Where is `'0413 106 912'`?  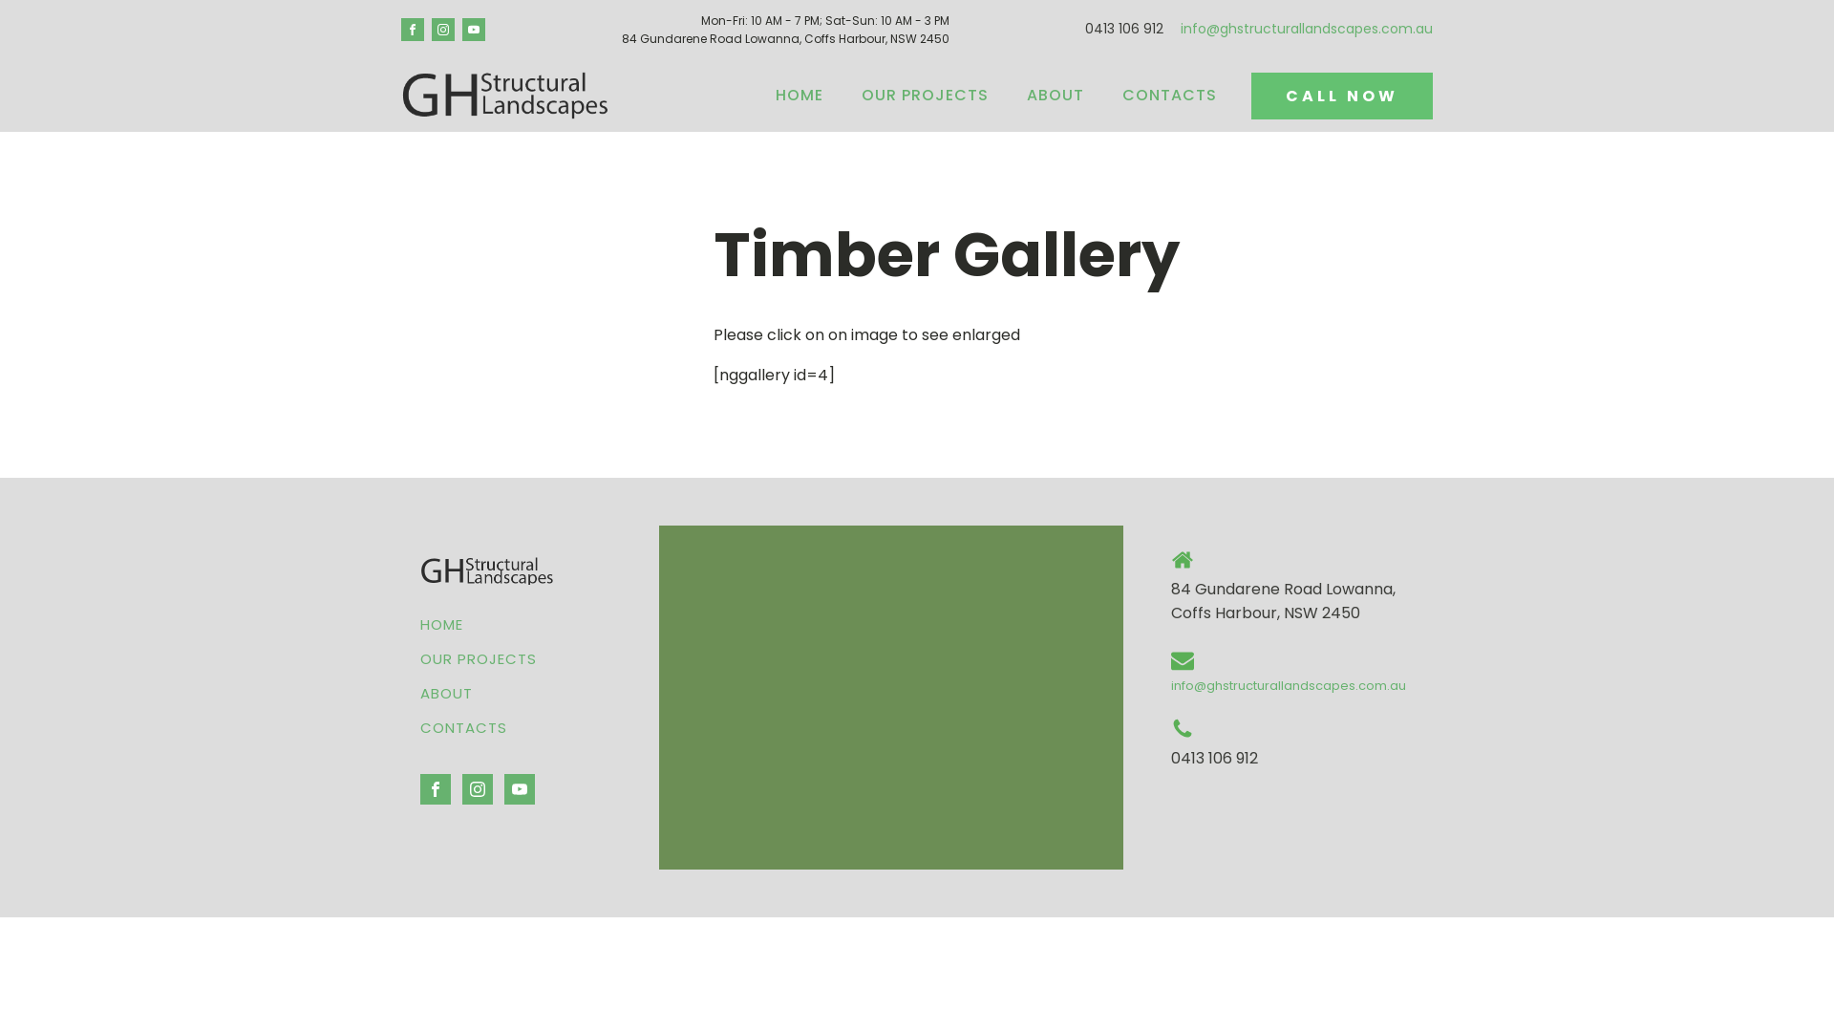 '0413 106 912' is located at coordinates (1213, 758).